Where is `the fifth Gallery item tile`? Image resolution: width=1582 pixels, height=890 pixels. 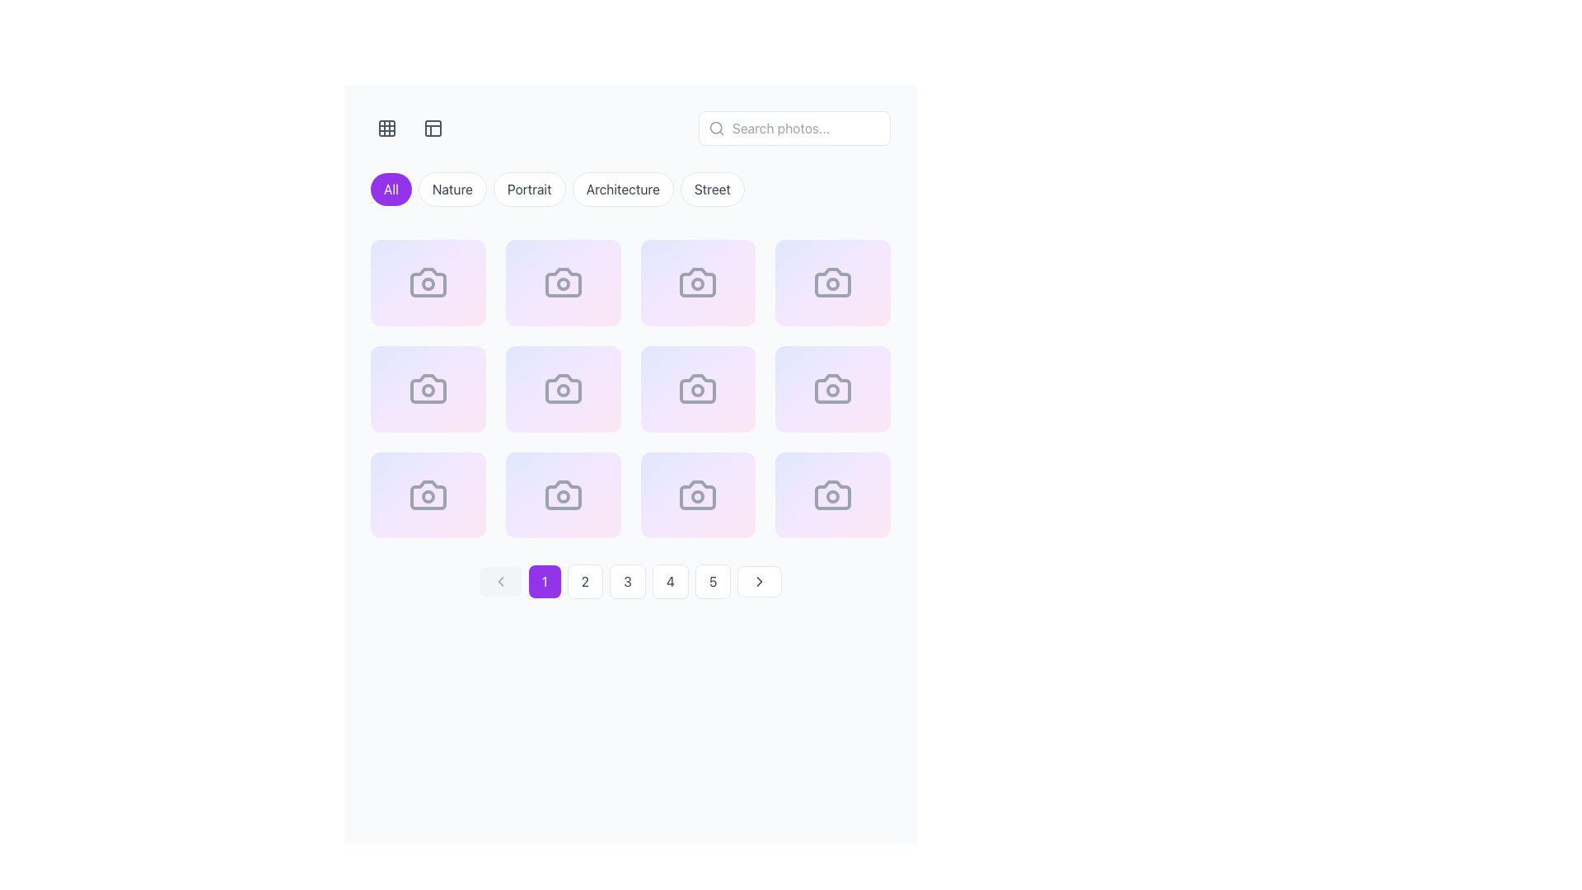
the fifth Gallery item tile is located at coordinates (428, 389).